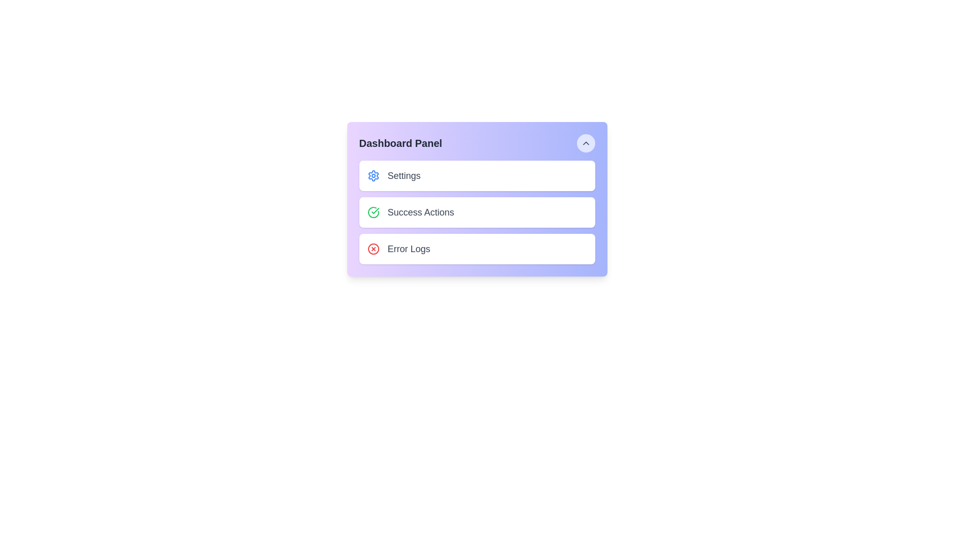 The width and height of the screenshot is (976, 549). Describe the element at coordinates (373, 175) in the screenshot. I see `the gear-shaped icon representing the settings menu located in the 'Settings' section of the panel` at that location.